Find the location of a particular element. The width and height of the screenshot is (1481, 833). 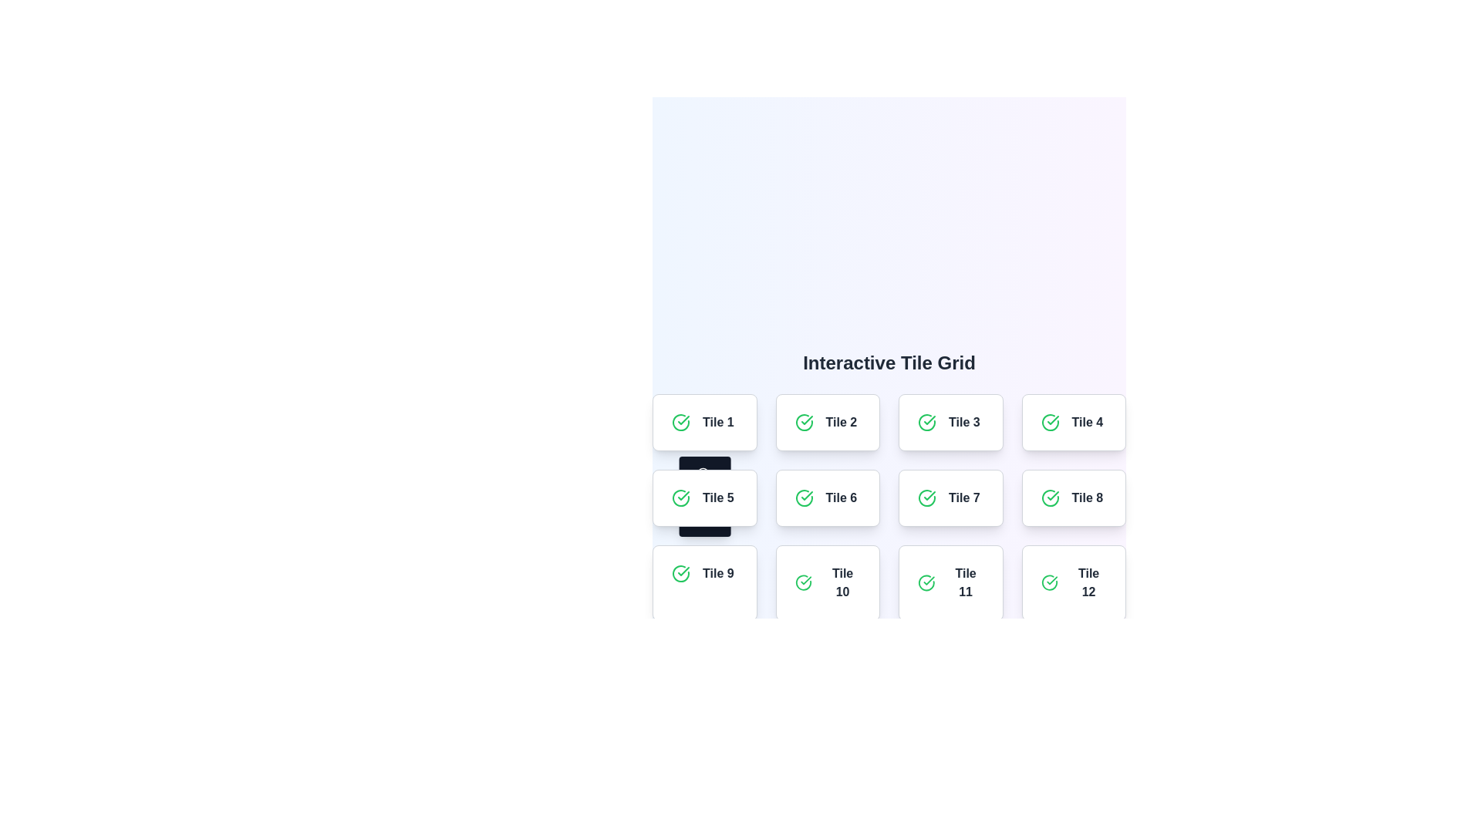

the SVG circle element located within 'Tile 5' is located at coordinates (702, 472).